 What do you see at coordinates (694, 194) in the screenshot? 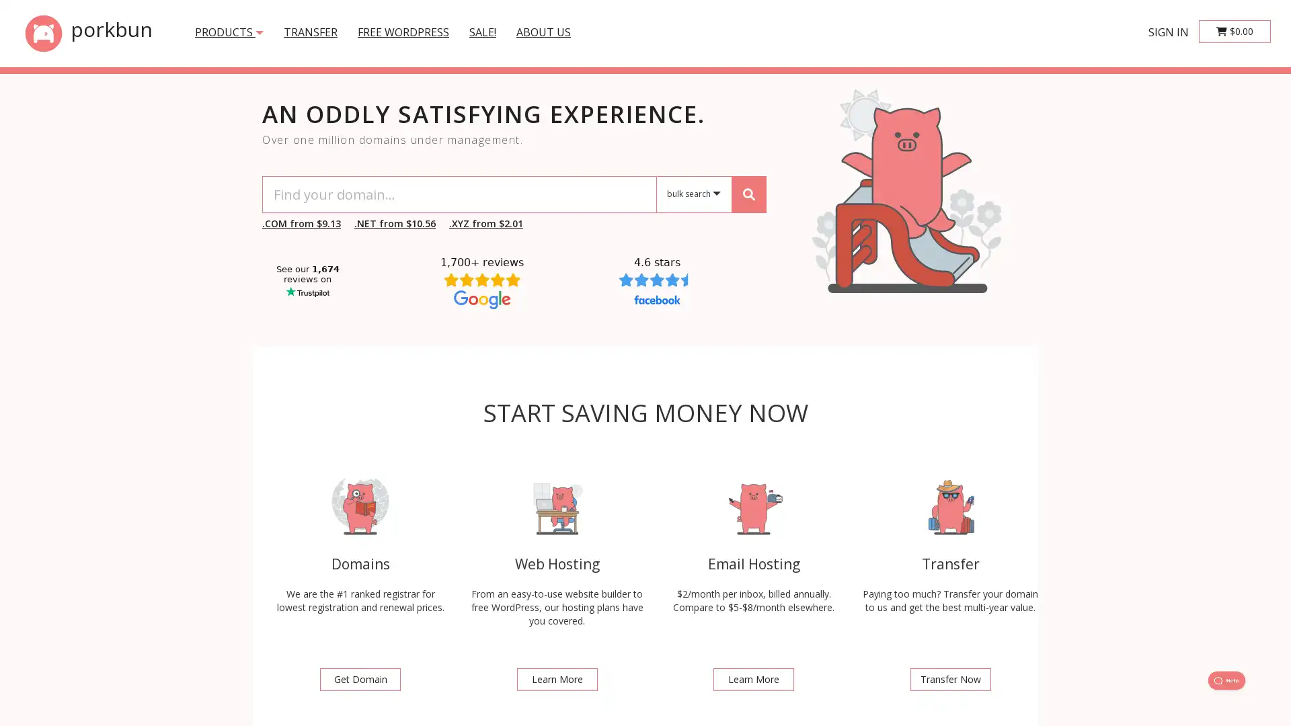
I see `open bulk search` at bounding box center [694, 194].